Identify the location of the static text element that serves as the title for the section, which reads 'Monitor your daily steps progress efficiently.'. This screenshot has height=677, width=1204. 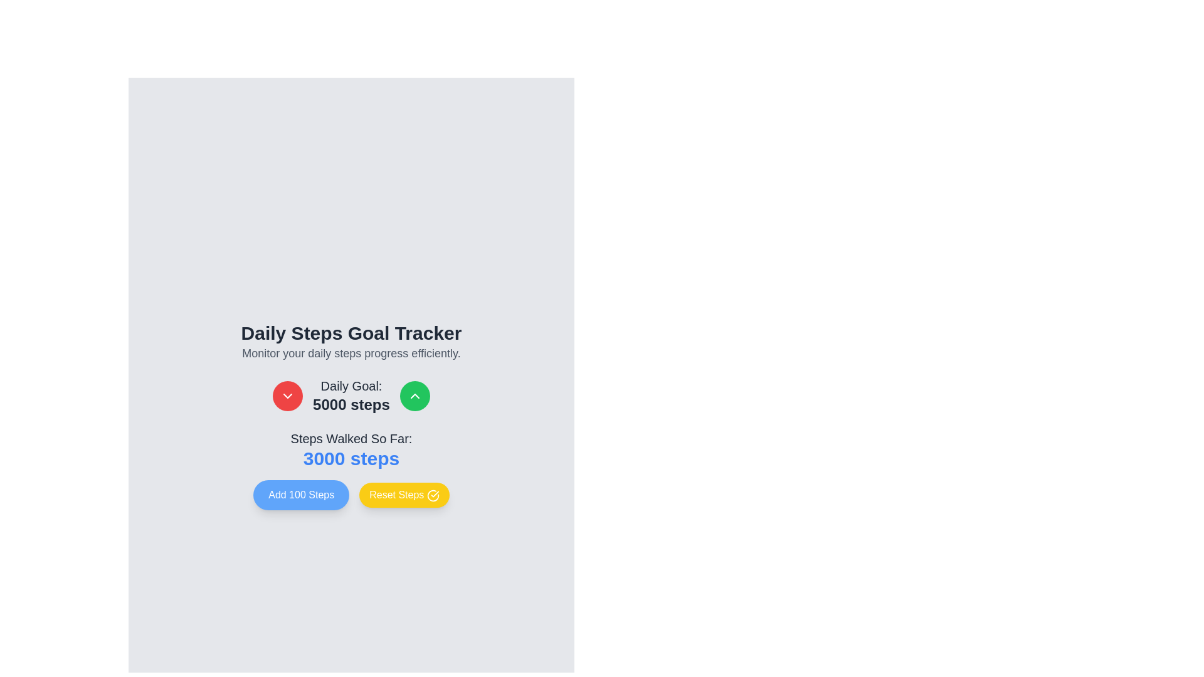
(351, 333).